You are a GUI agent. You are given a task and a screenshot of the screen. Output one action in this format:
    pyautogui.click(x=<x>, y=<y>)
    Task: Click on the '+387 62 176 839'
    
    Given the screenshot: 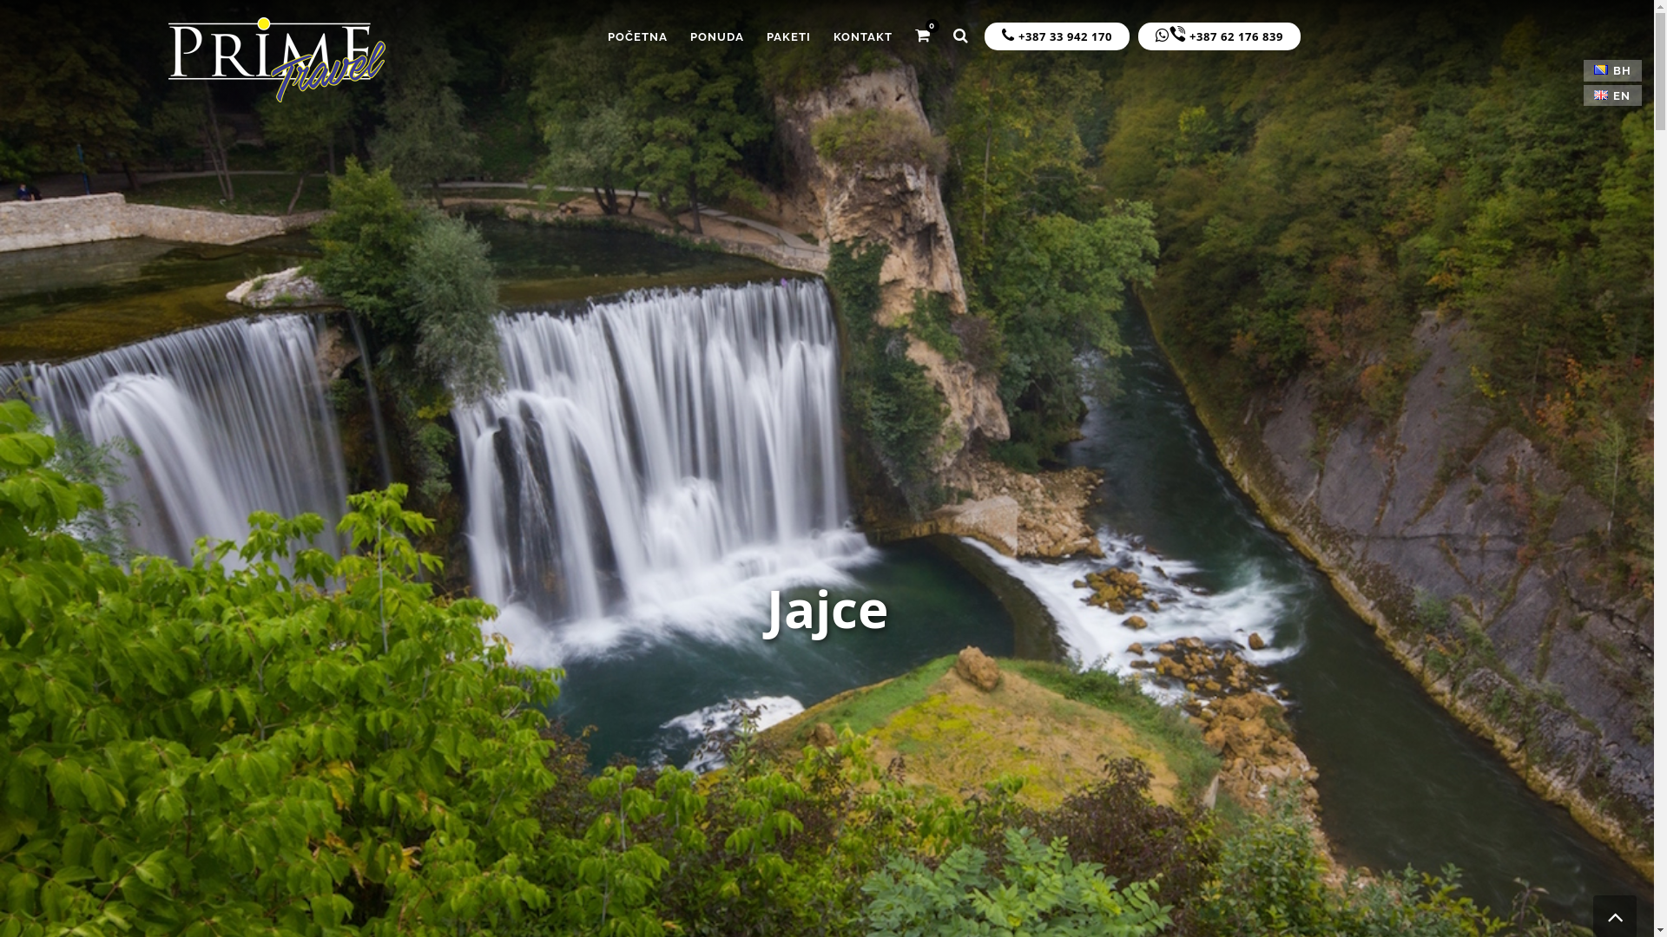 What is the action you would take?
    pyautogui.click(x=1218, y=36)
    